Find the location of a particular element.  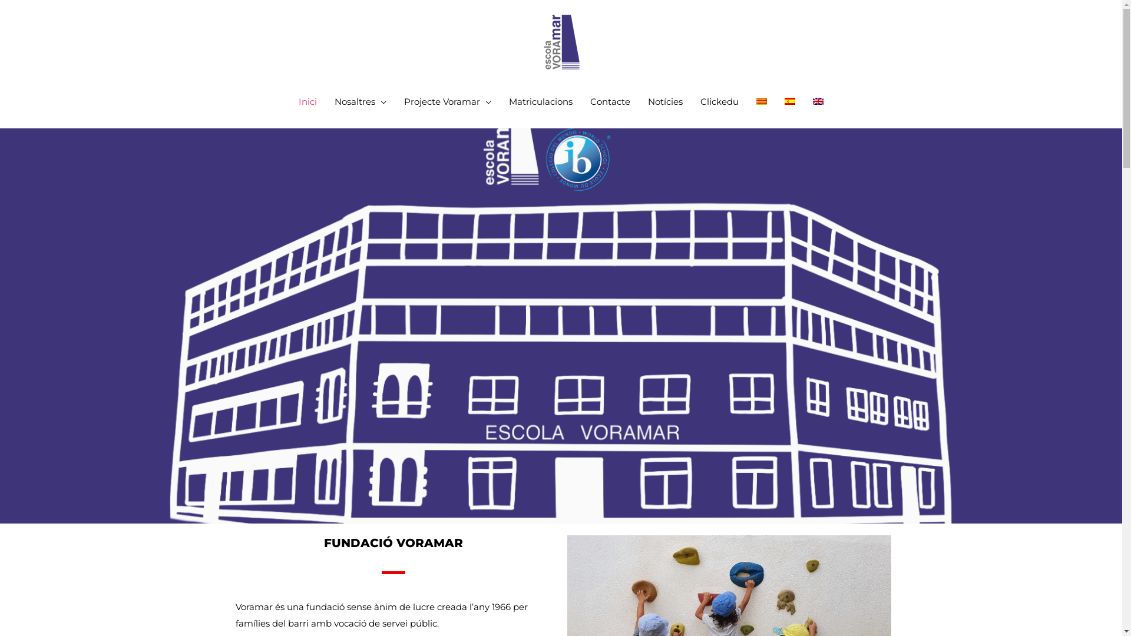

'Nosaltres' is located at coordinates (325, 101).